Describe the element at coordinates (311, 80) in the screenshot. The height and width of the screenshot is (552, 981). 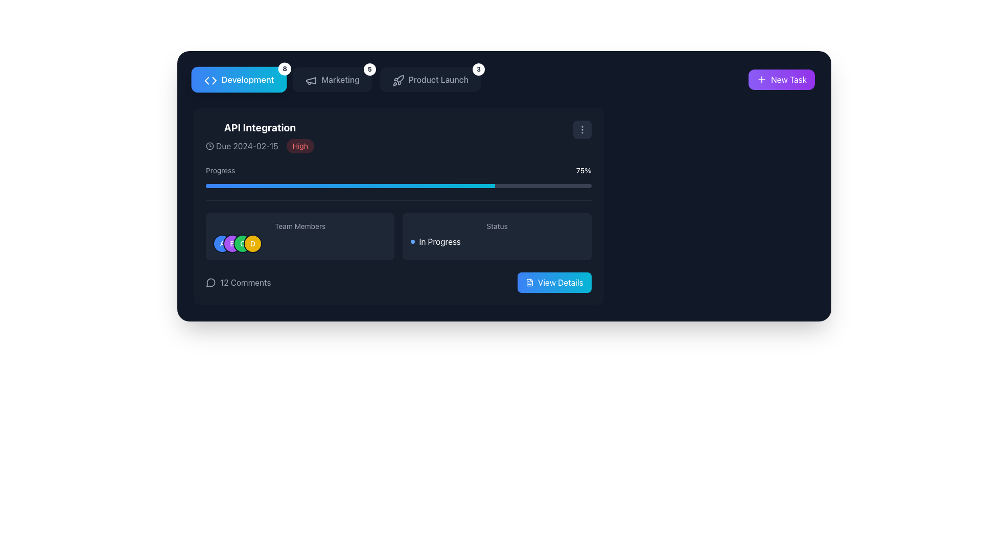
I see `the 'Marketing' icon in the top navigation bar to visually enhance user navigation` at that location.